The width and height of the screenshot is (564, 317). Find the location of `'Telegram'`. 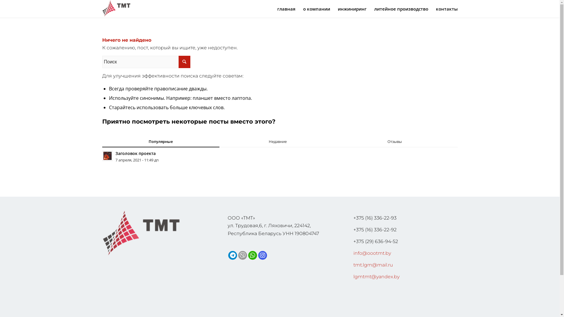

'Telegram' is located at coordinates (232, 255).